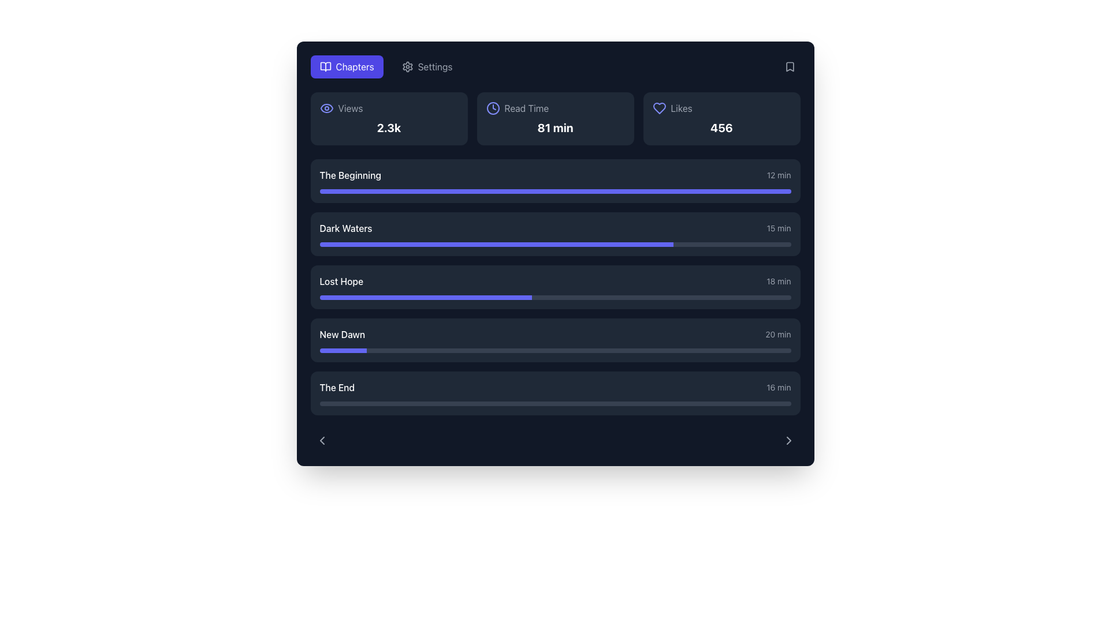 This screenshot has height=623, width=1109. Describe the element at coordinates (659, 108) in the screenshot. I see `the vibrant indigo heart-shaped icon located in the 'Likes' section, positioned to the left of the text 'Likes' and above the numeric value associated with likes` at that location.